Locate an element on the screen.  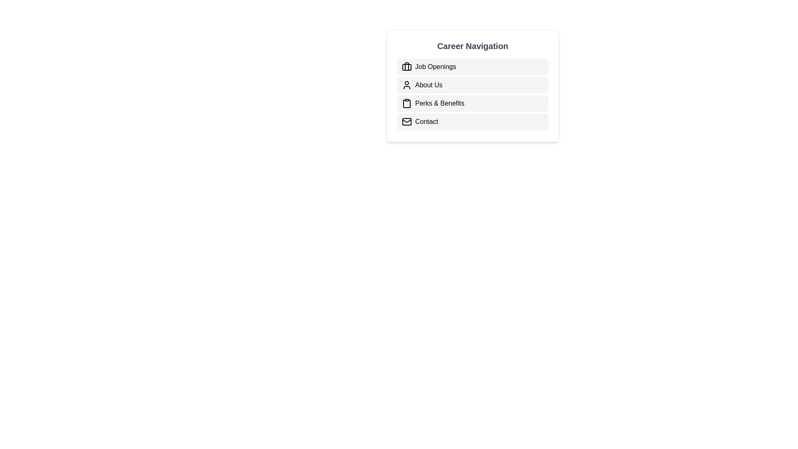
the 'About Us' clickable list item in the navigation menu is located at coordinates (473, 85).